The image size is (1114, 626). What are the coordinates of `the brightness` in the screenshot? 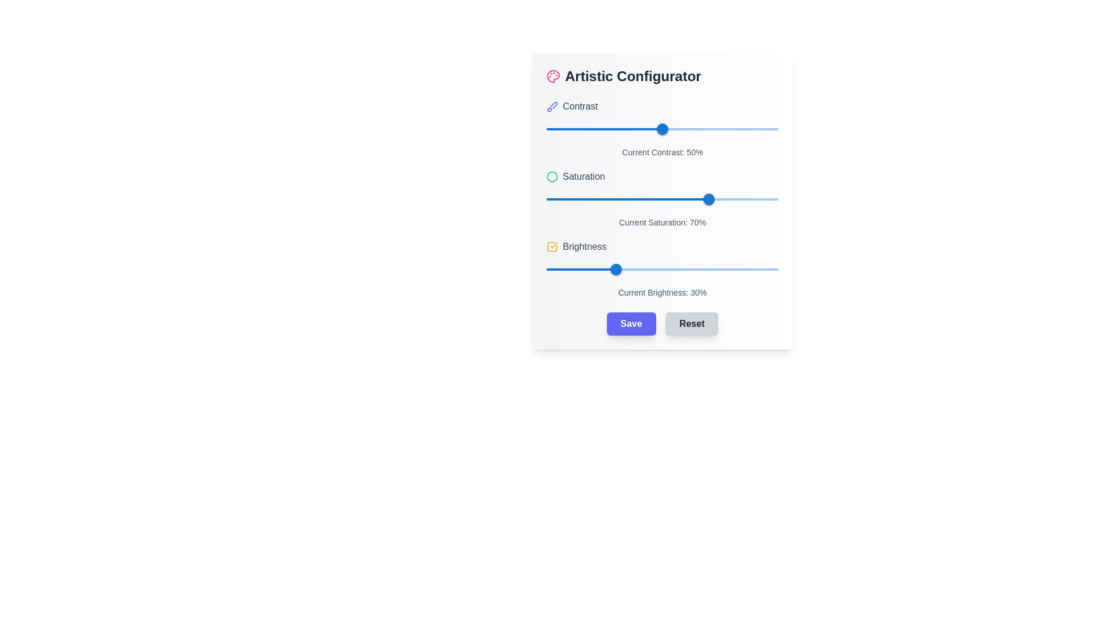 It's located at (553, 270).